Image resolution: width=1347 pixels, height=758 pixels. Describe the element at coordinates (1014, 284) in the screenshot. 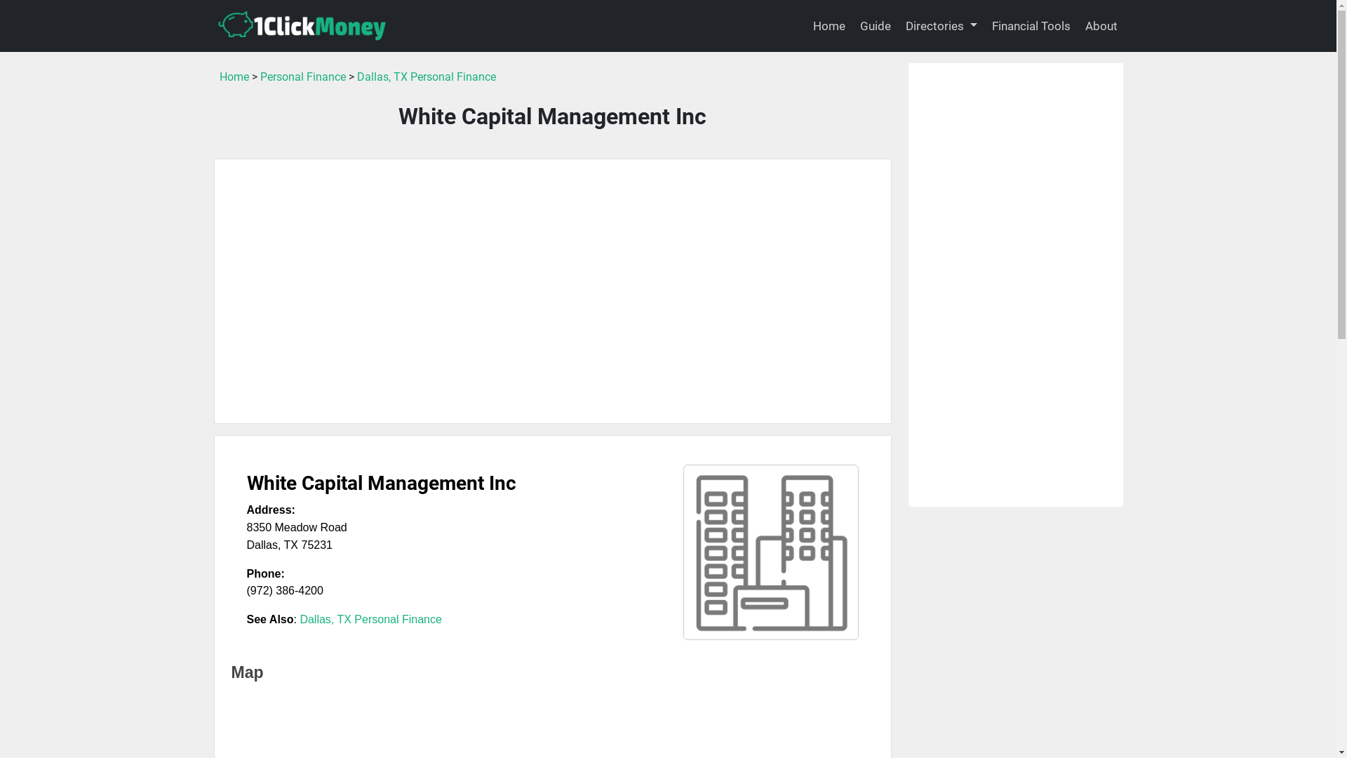

I see `'Advertisement'` at that location.